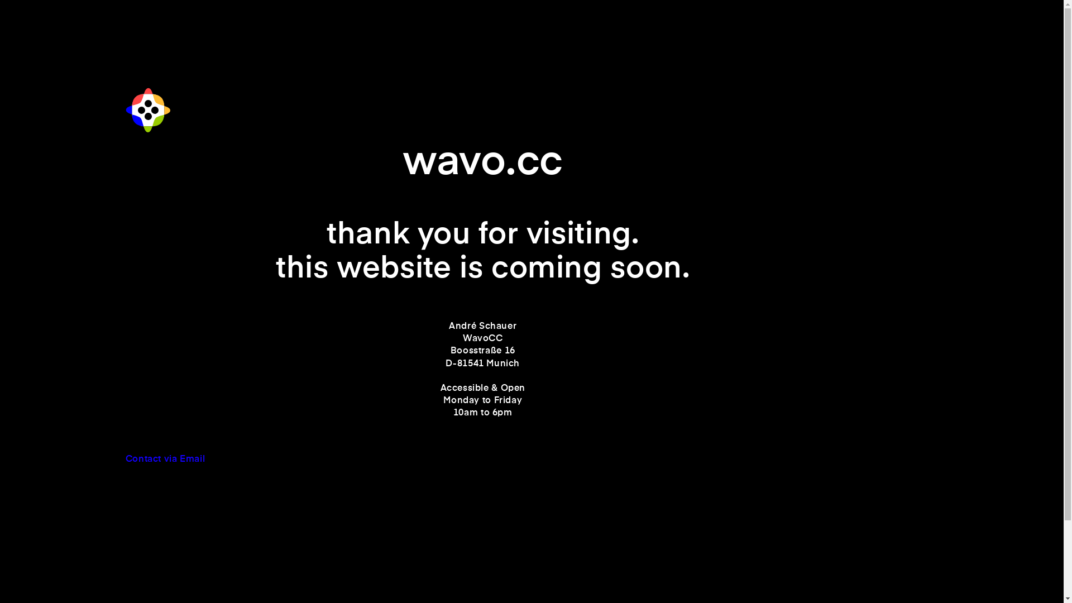 This screenshot has width=1072, height=603. What do you see at coordinates (126, 465) in the screenshot?
I see `'Contact via Email` at bounding box center [126, 465].